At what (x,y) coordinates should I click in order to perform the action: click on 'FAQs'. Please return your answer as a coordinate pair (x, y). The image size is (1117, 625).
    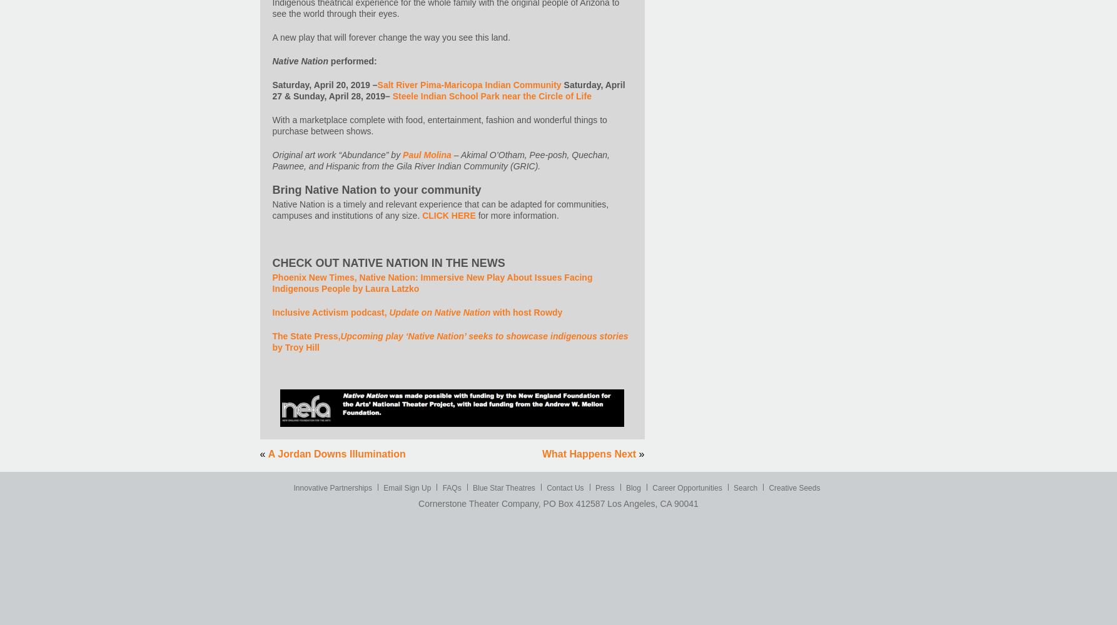
    Looking at the image, I should click on (452, 488).